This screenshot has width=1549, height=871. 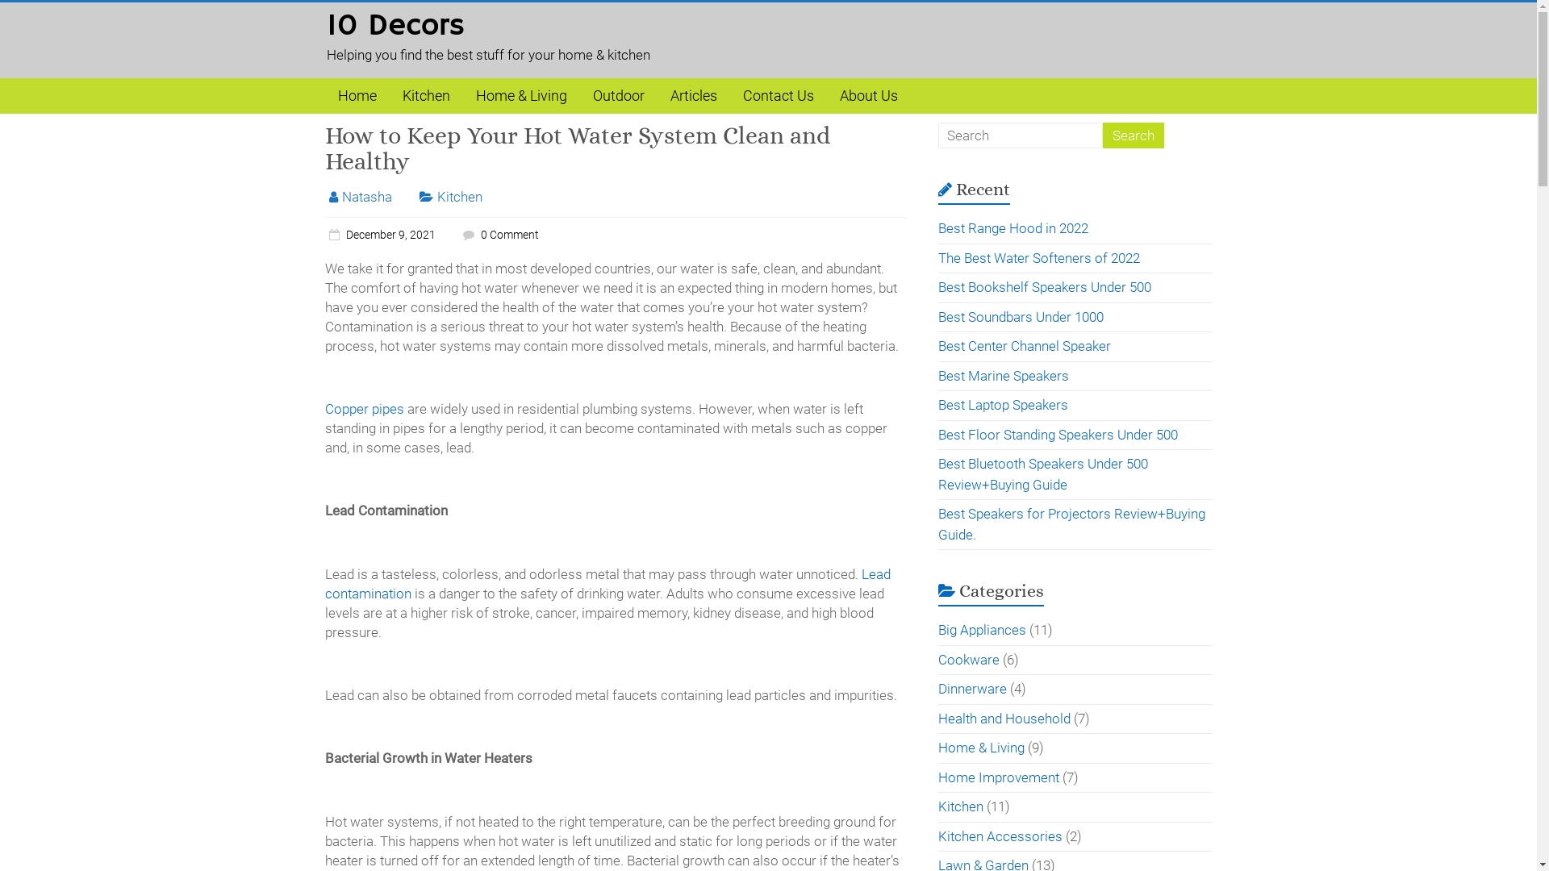 What do you see at coordinates (1071, 524) in the screenshot?
I see `'Best Speakers for Projectors Review+Buying Guide.'` at bounding box center [1071, 524].